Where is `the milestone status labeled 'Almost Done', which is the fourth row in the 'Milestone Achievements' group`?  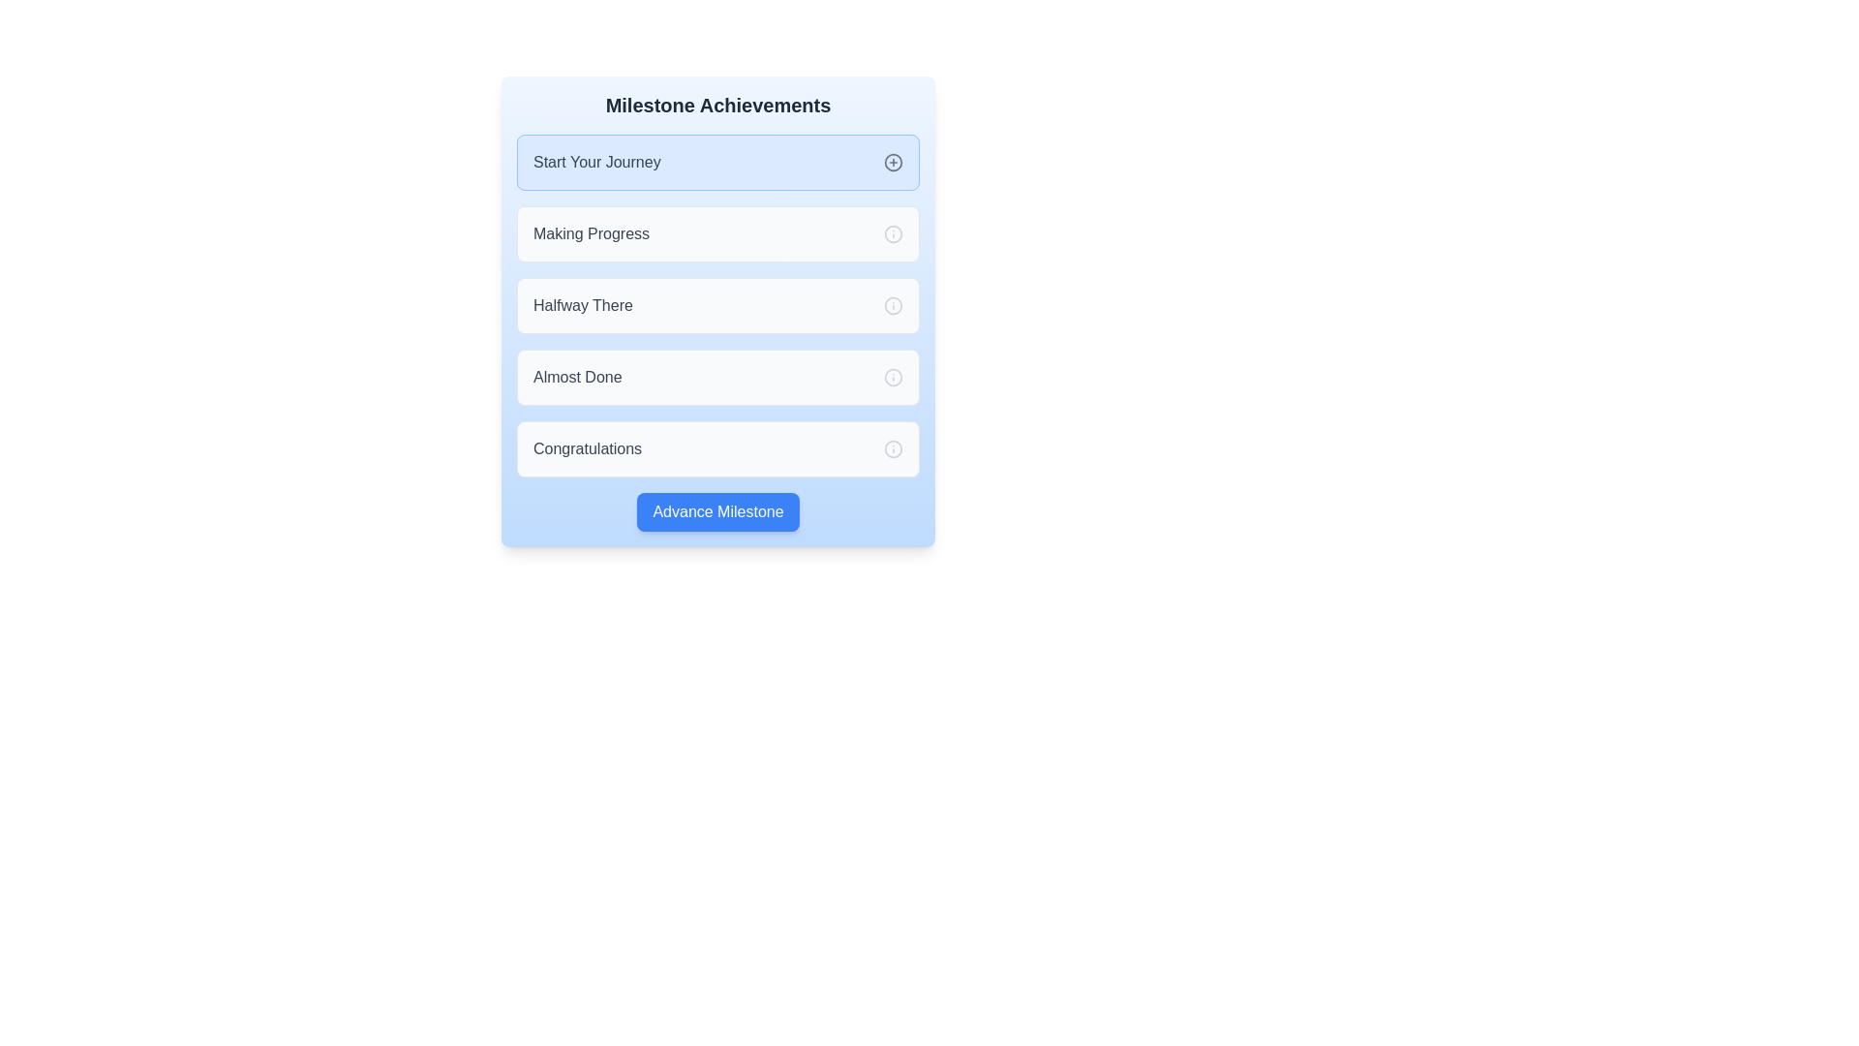 the milestone status labeled 'Almost Done', which is the fourth row in the 'Milestone Achievements' group is located at coordinates (717, 377).